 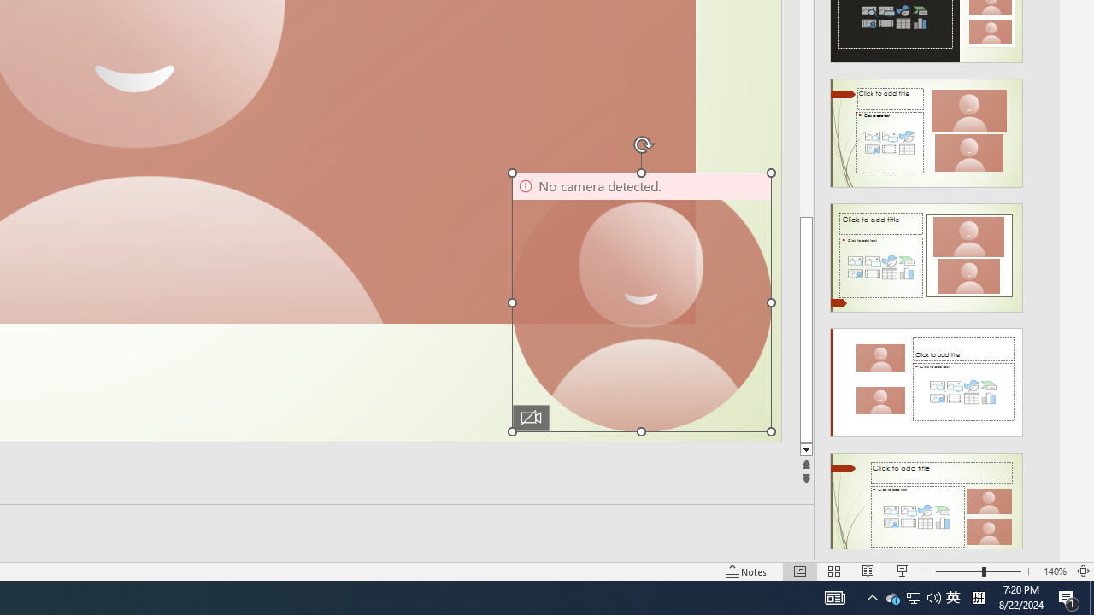 What do you see at coordinates (1028, 571) in the screenshot?
I see `'Zoom In'` at bounding box center [1028, 571].